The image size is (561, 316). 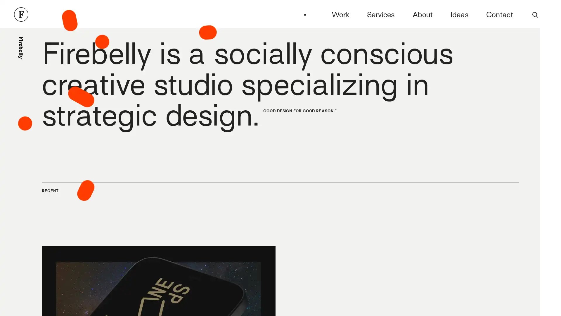 I want to click on Search, so click(x=535, y=14).